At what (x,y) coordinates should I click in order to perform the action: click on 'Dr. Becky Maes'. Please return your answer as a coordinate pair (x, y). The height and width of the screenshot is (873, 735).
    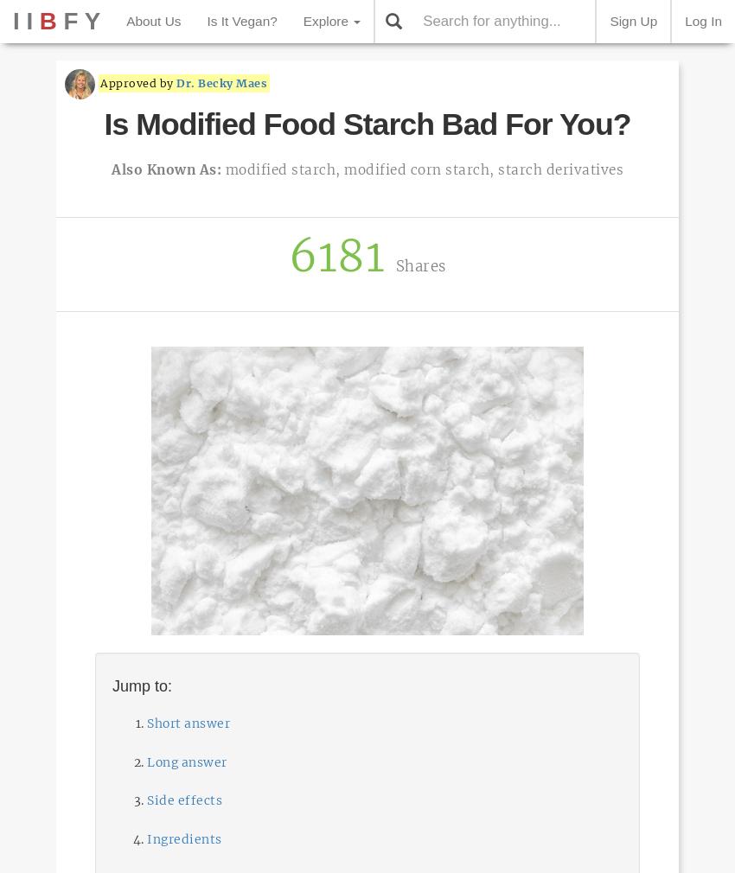
    Looking at the image, I should click on (220, 82).